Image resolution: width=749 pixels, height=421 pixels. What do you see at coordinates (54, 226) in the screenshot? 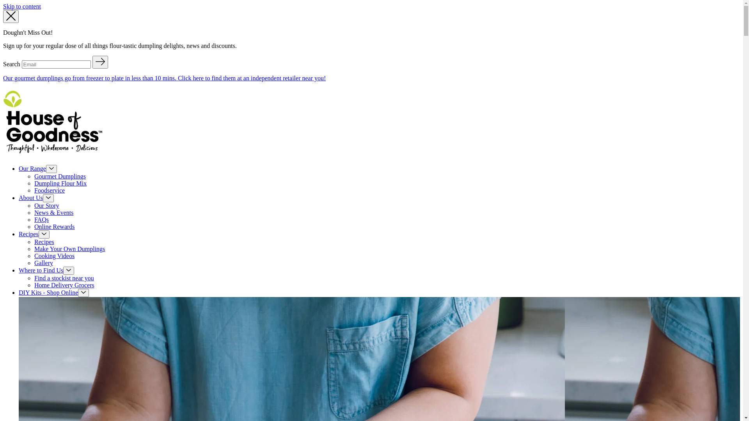
I see `'Online Rewards'` at bounding box center [54, 226].